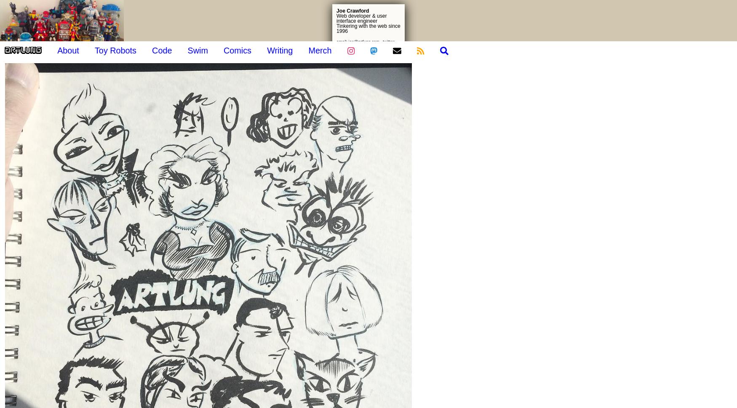  Describe the element at coordinates (115, 50) in the screenshot. I see `'Toy Robots'` at that location.